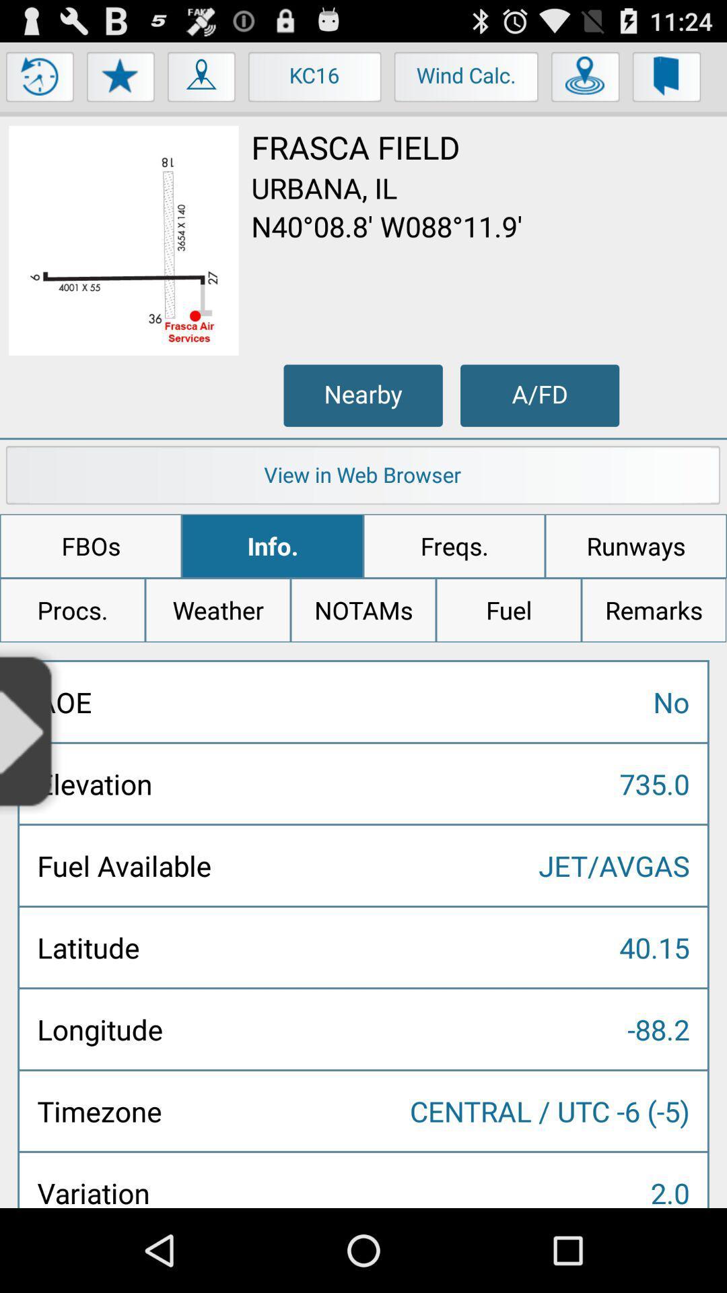 This screenshot has height=1293, width=727. I want to click on the icon next to freqs. app, so click(273, 546).